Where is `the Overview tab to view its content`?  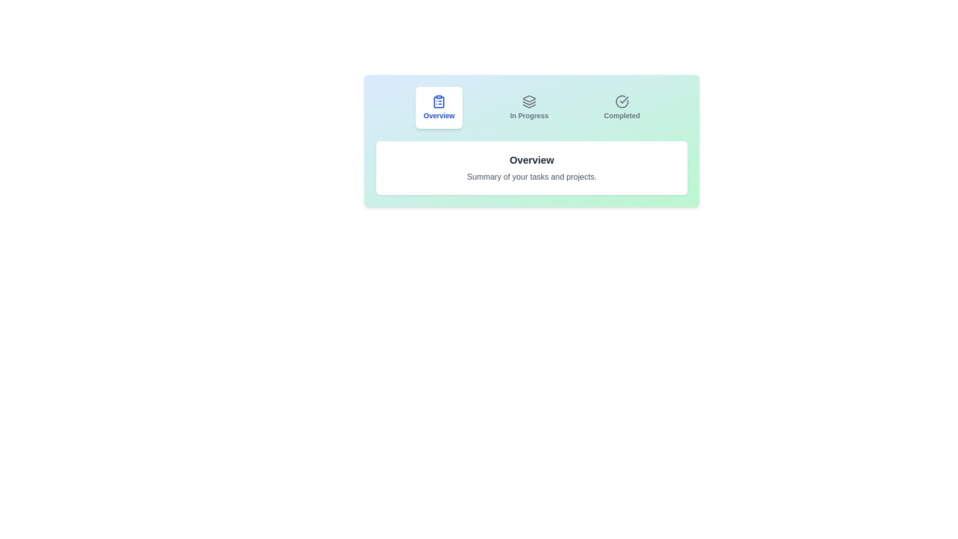 the Overview tab to view its content is located at coordinates (439, 108).